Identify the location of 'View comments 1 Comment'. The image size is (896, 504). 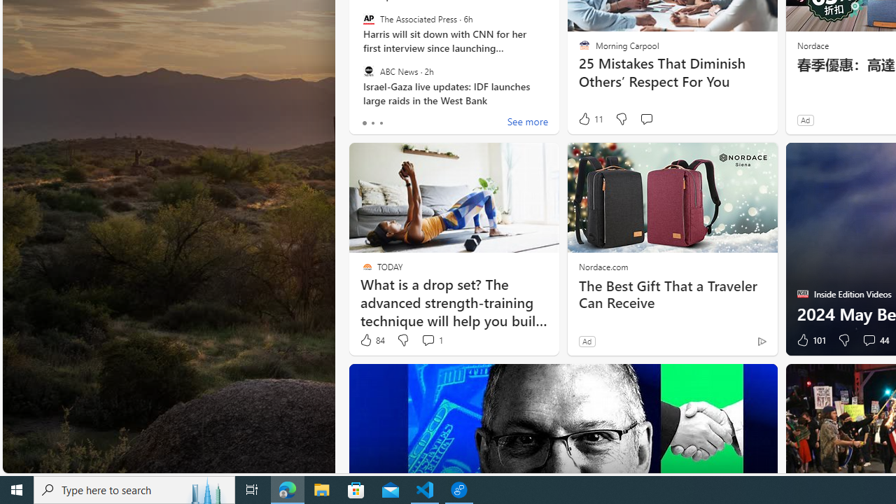
(430, 340).